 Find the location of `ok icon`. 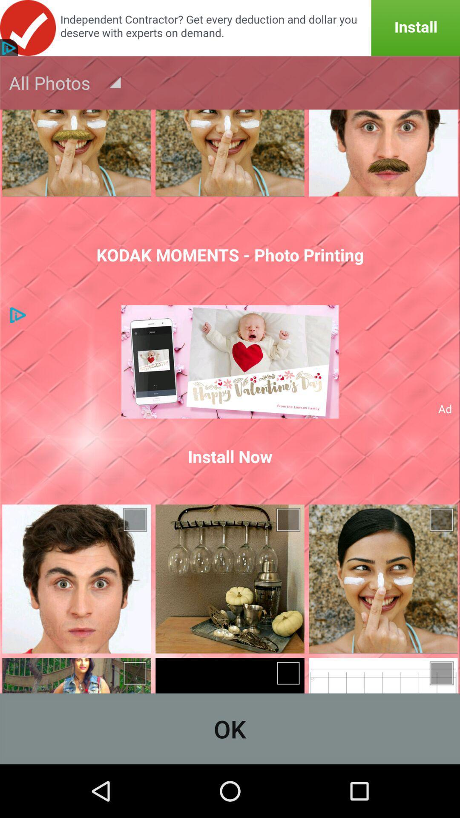

ok icon is located at coordinates (230, 728).